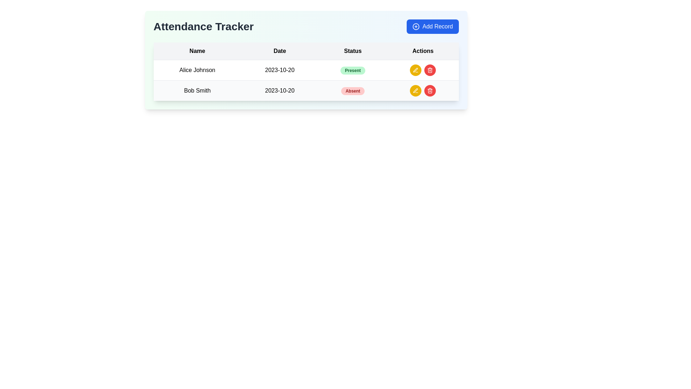 The width and height of the screenshot is (691, 389). Describe the element at coordinates (353, 71) in the screenshot. I see `'Present' status displayed on the green pill-shaped badge located in the 'Status' column of the first row for 'Alice Johnson'` at that location.